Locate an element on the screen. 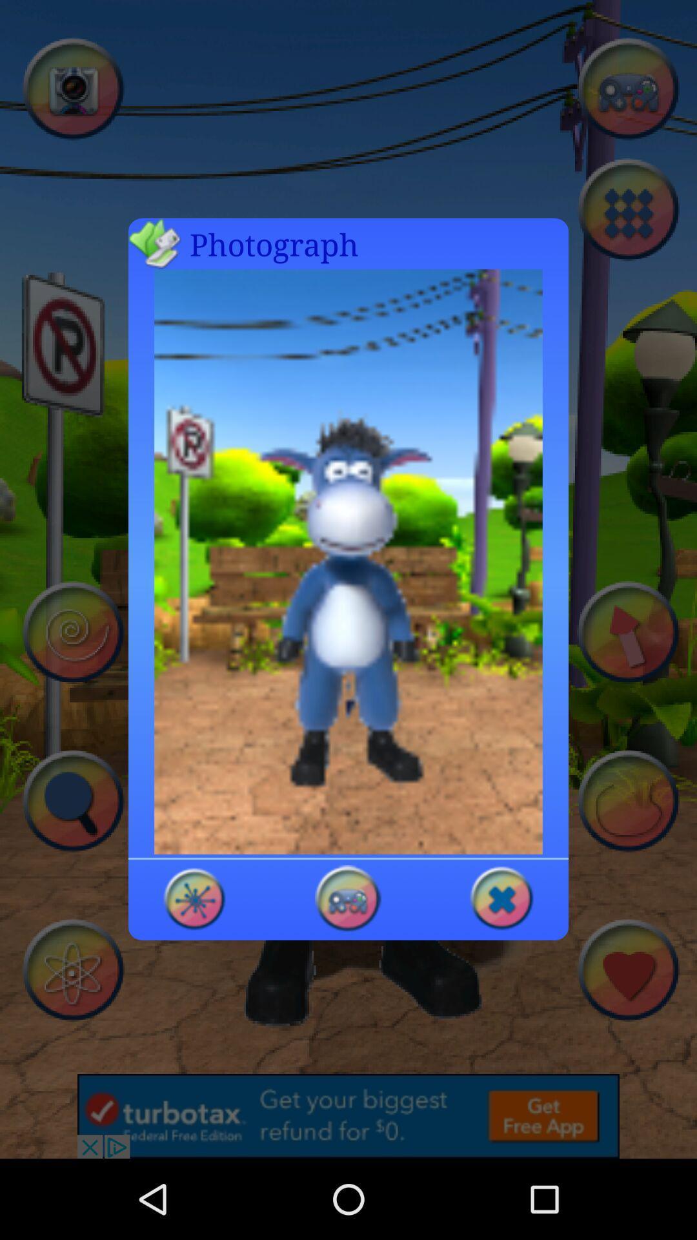 This screenshot has height=1240, width=697. the item at the bottom left corner is located at coordinates (195, 897).